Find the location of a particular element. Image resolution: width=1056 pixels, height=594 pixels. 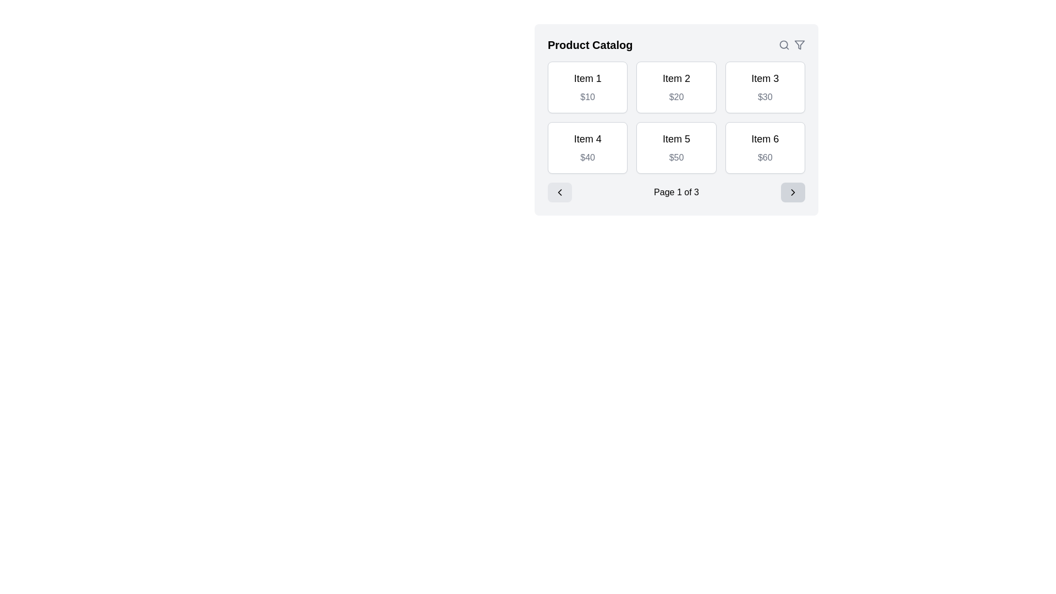

the filter icon in the top-right corner of the interface is located at coordinates (800, 44).